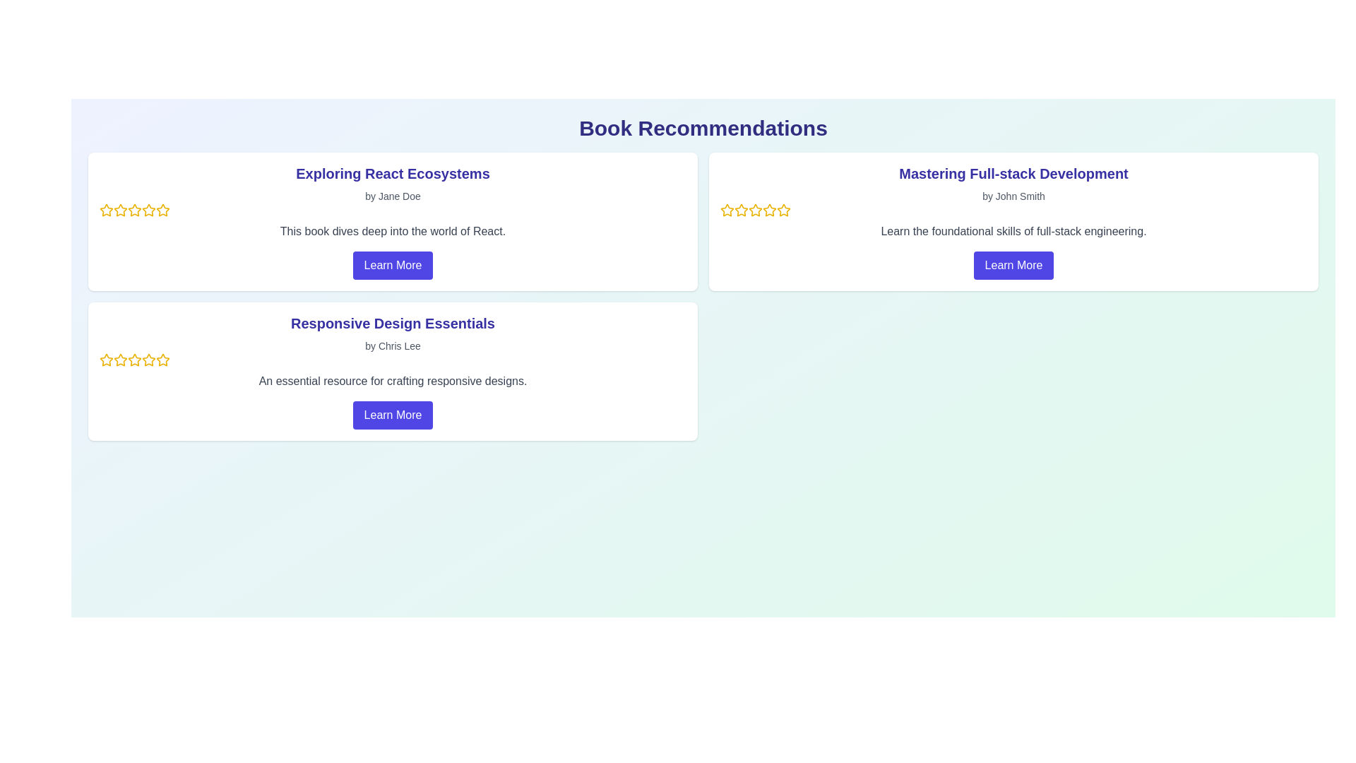  What do you see at coordinates (149, 210) in the screenshot?
I see `the sixth star in the rating widget under the 'Exploring React Ecosystems' section to visually represent the rating level` at bounding box center [149, 210].